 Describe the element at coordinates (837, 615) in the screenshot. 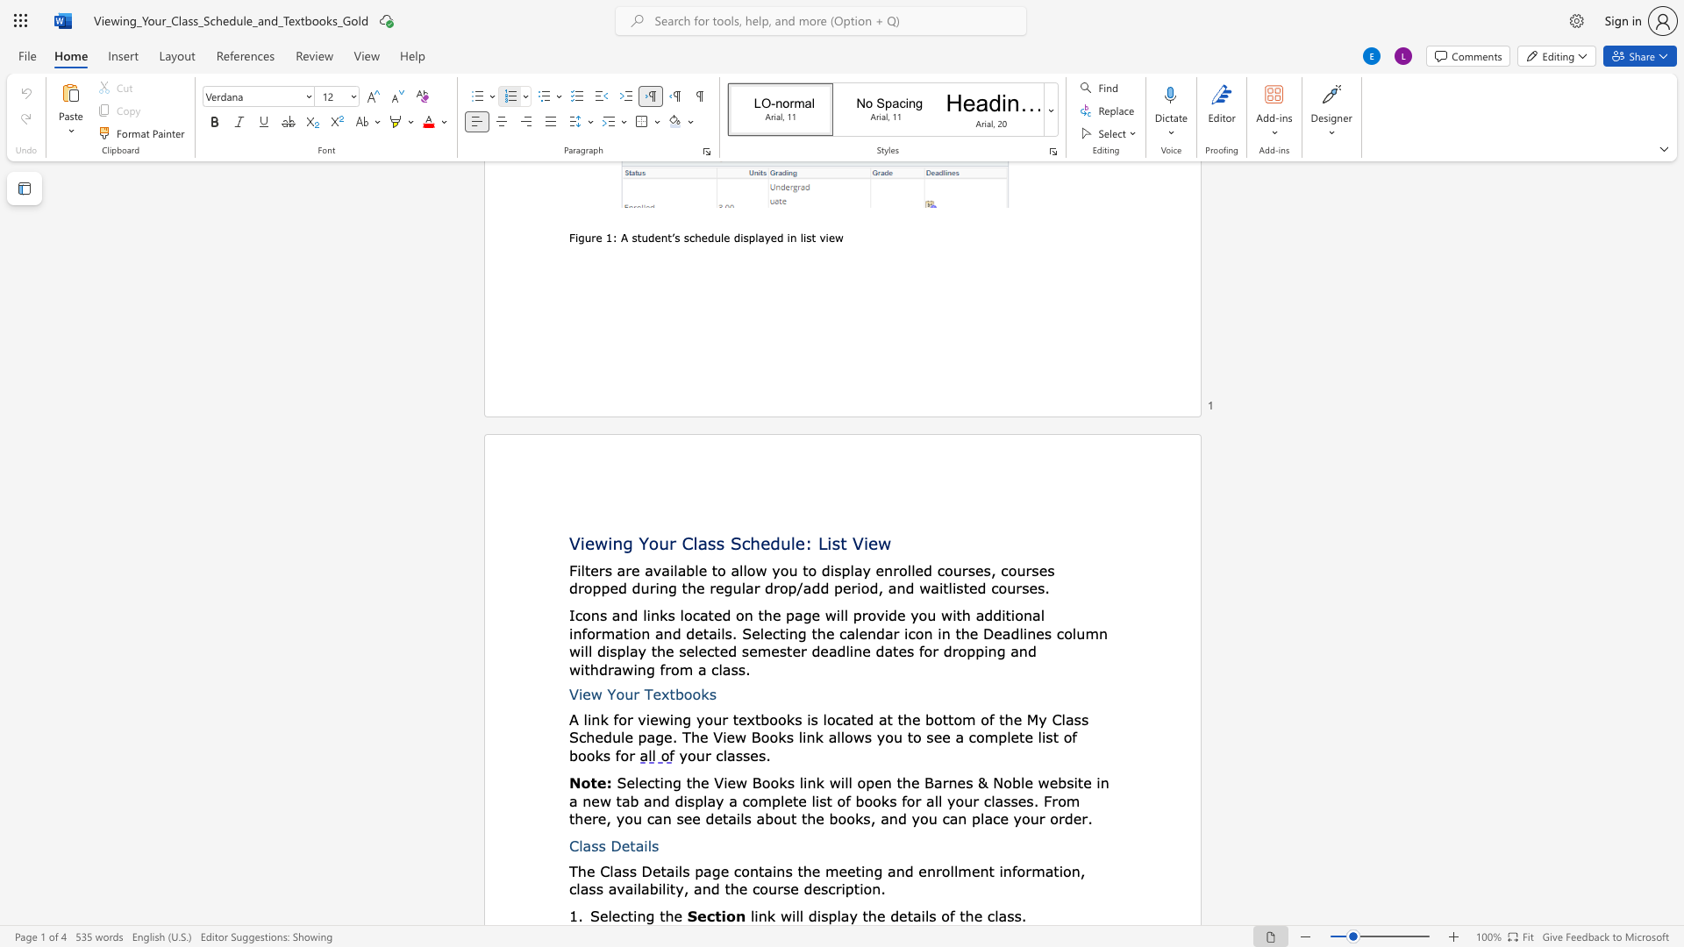

I see `the 1th character "i" in the text` at that location.